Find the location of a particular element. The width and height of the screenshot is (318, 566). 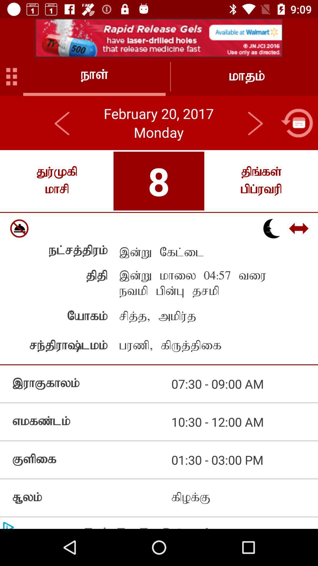

the arrow_forward icon is located at coordinates (255, 123).